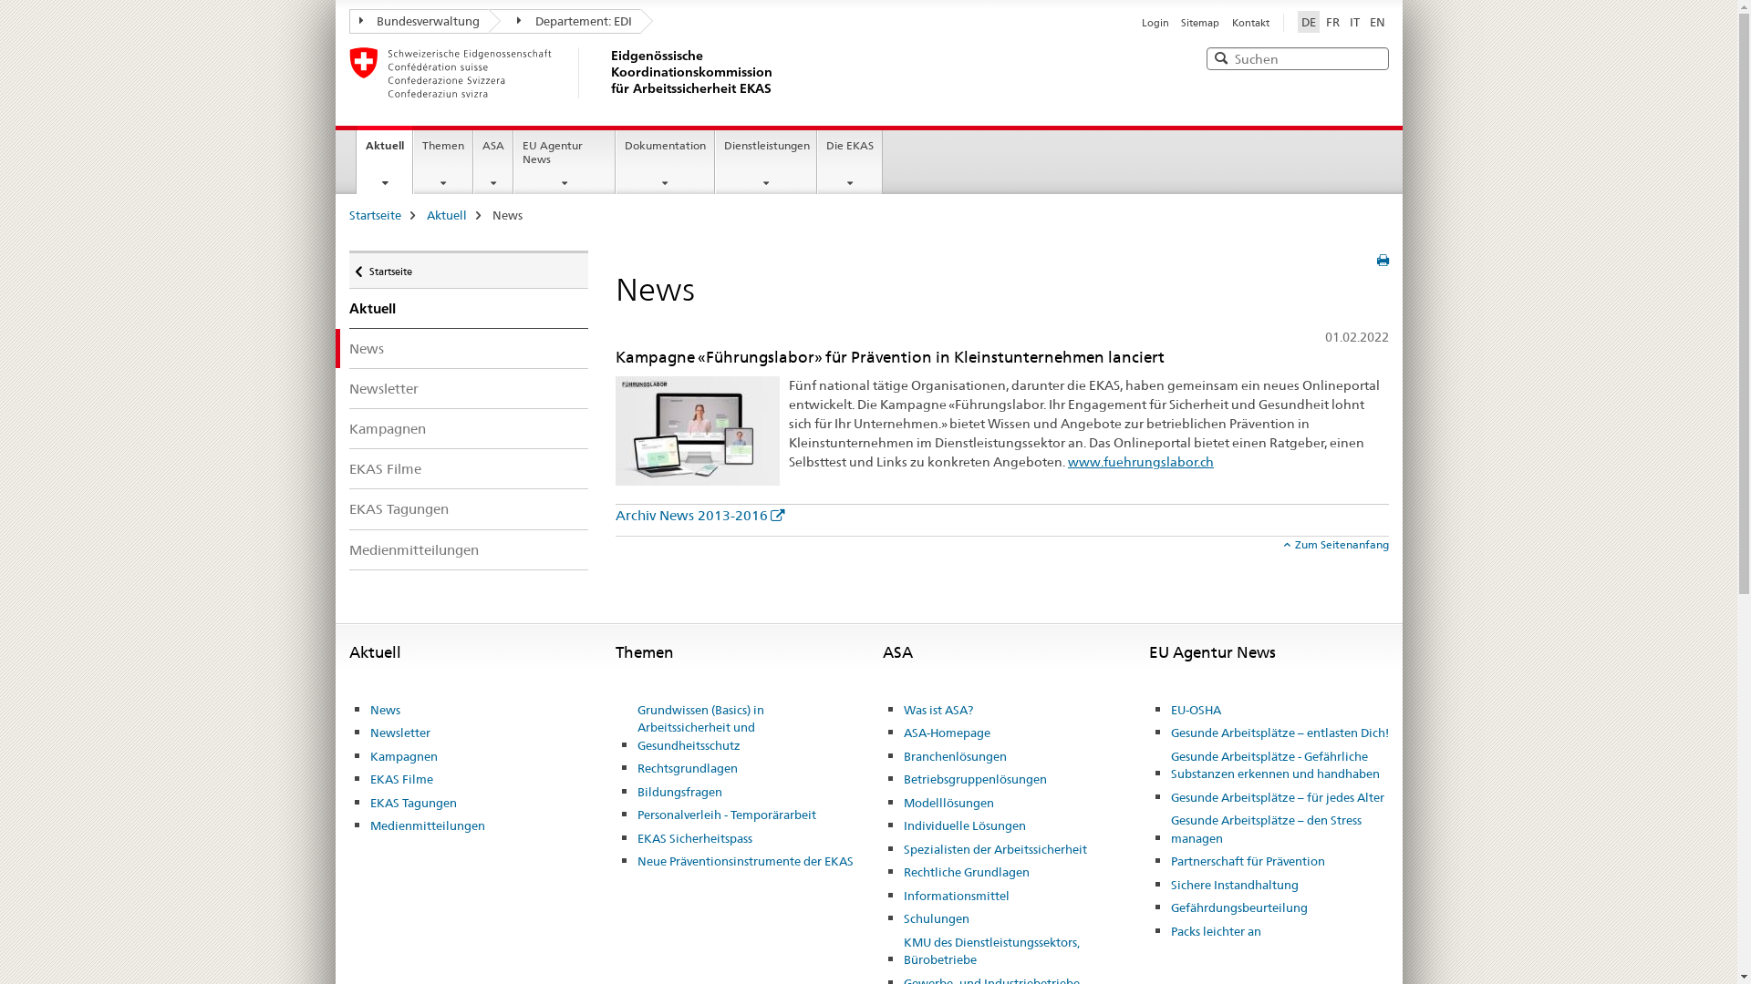 This screenshot has width=1751, height=984. I want to click on 'FR', so click(1332, 21).